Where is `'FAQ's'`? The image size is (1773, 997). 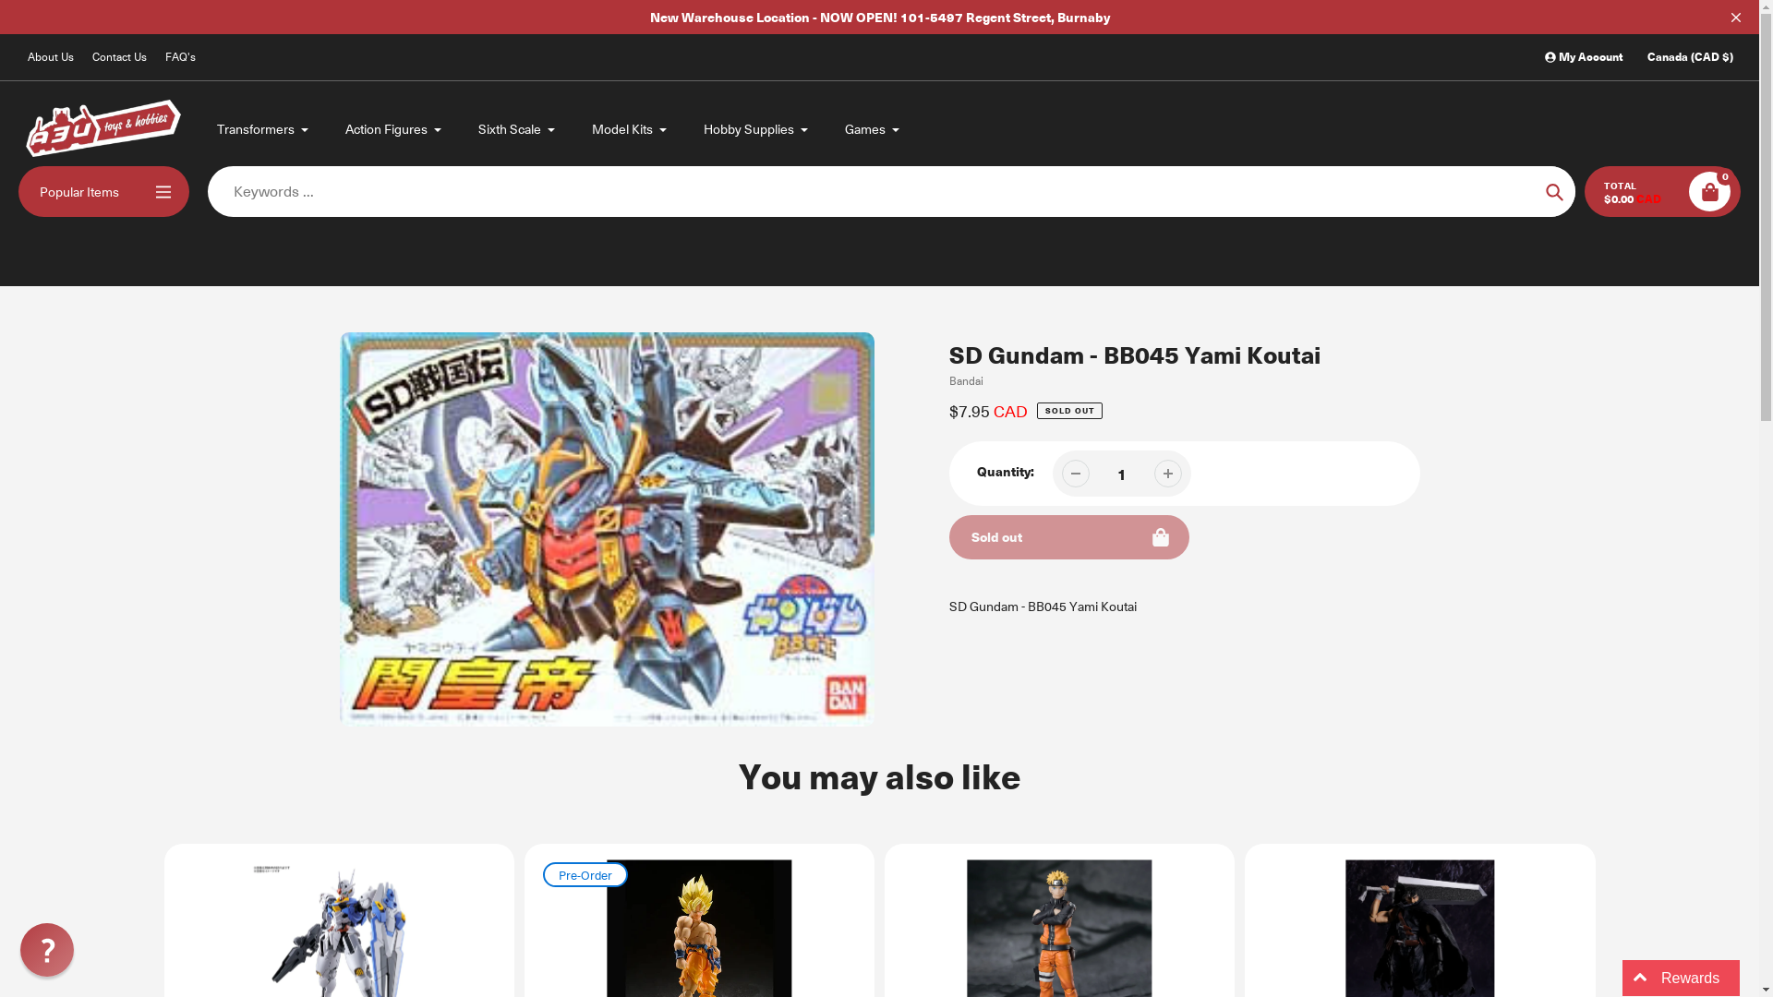
'FAQ's' is located at coordinates (180, 55).